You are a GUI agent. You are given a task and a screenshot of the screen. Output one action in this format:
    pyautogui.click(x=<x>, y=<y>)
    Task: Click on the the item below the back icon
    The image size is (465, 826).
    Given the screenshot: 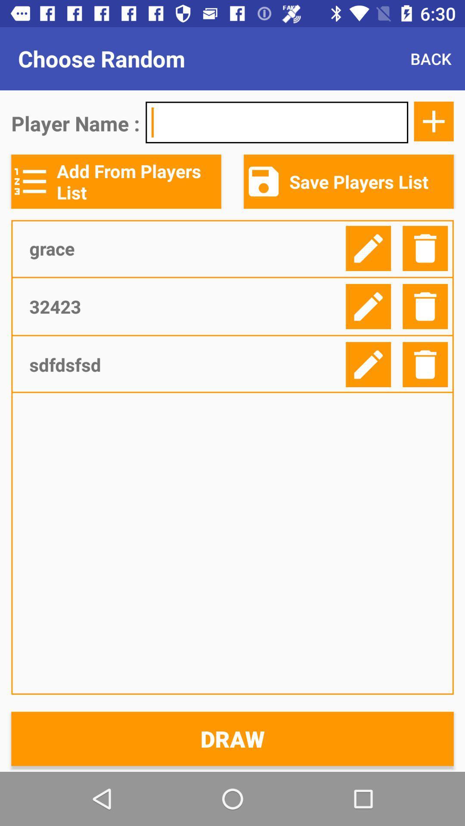 What is the action you would take?
    pyautogui.click(x=434, y=121)
    